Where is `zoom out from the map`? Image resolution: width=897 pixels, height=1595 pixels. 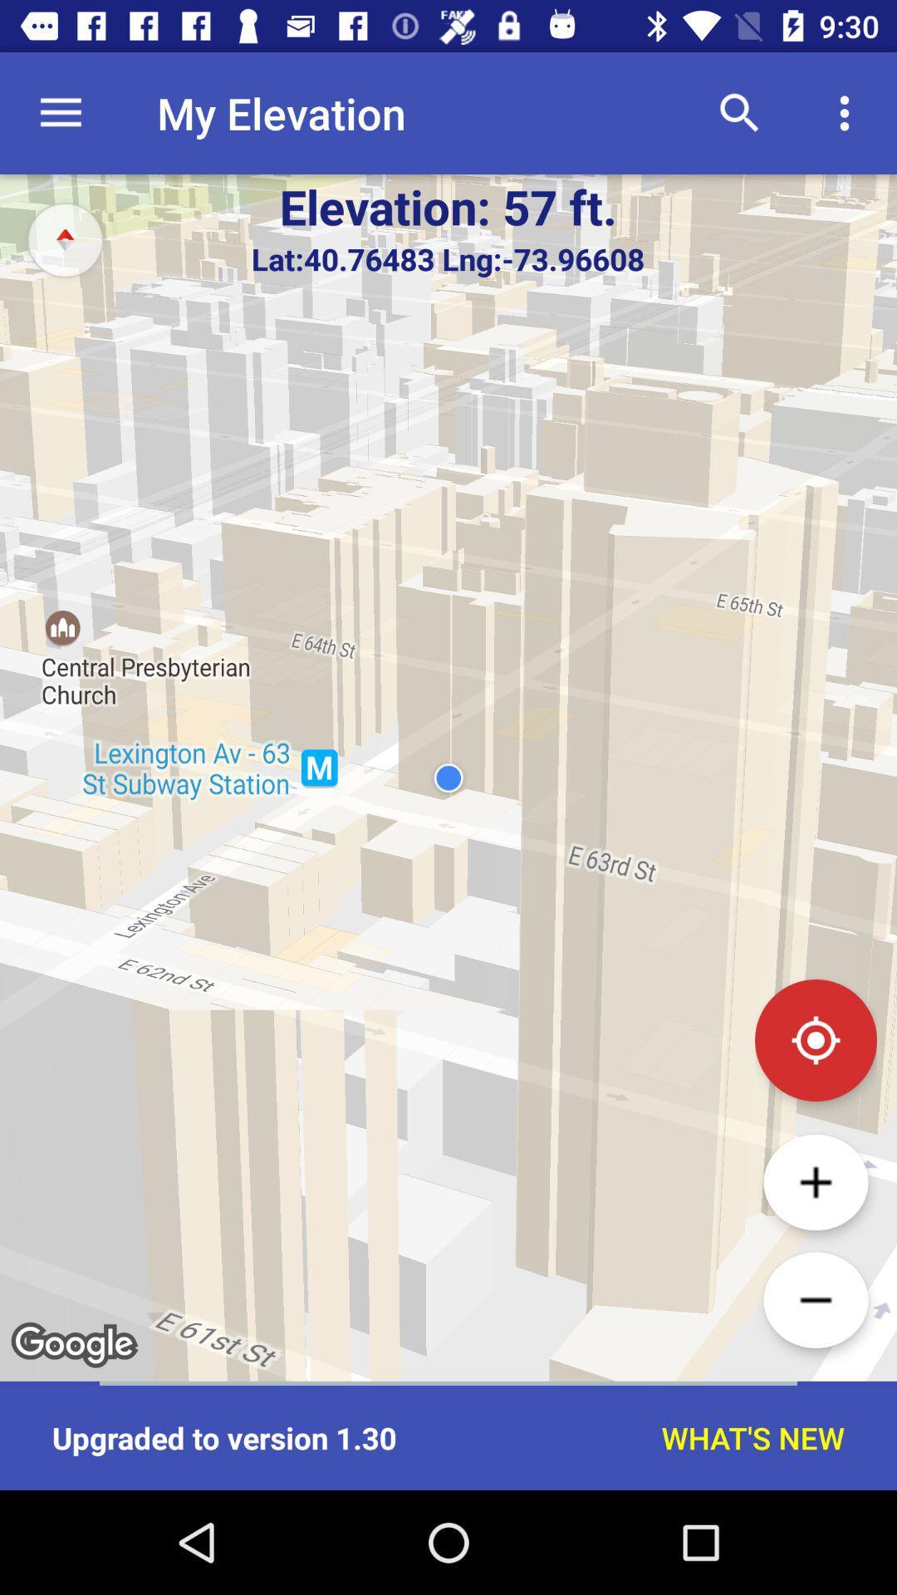
zoom out from the map is located at coordinates (815, 1299).